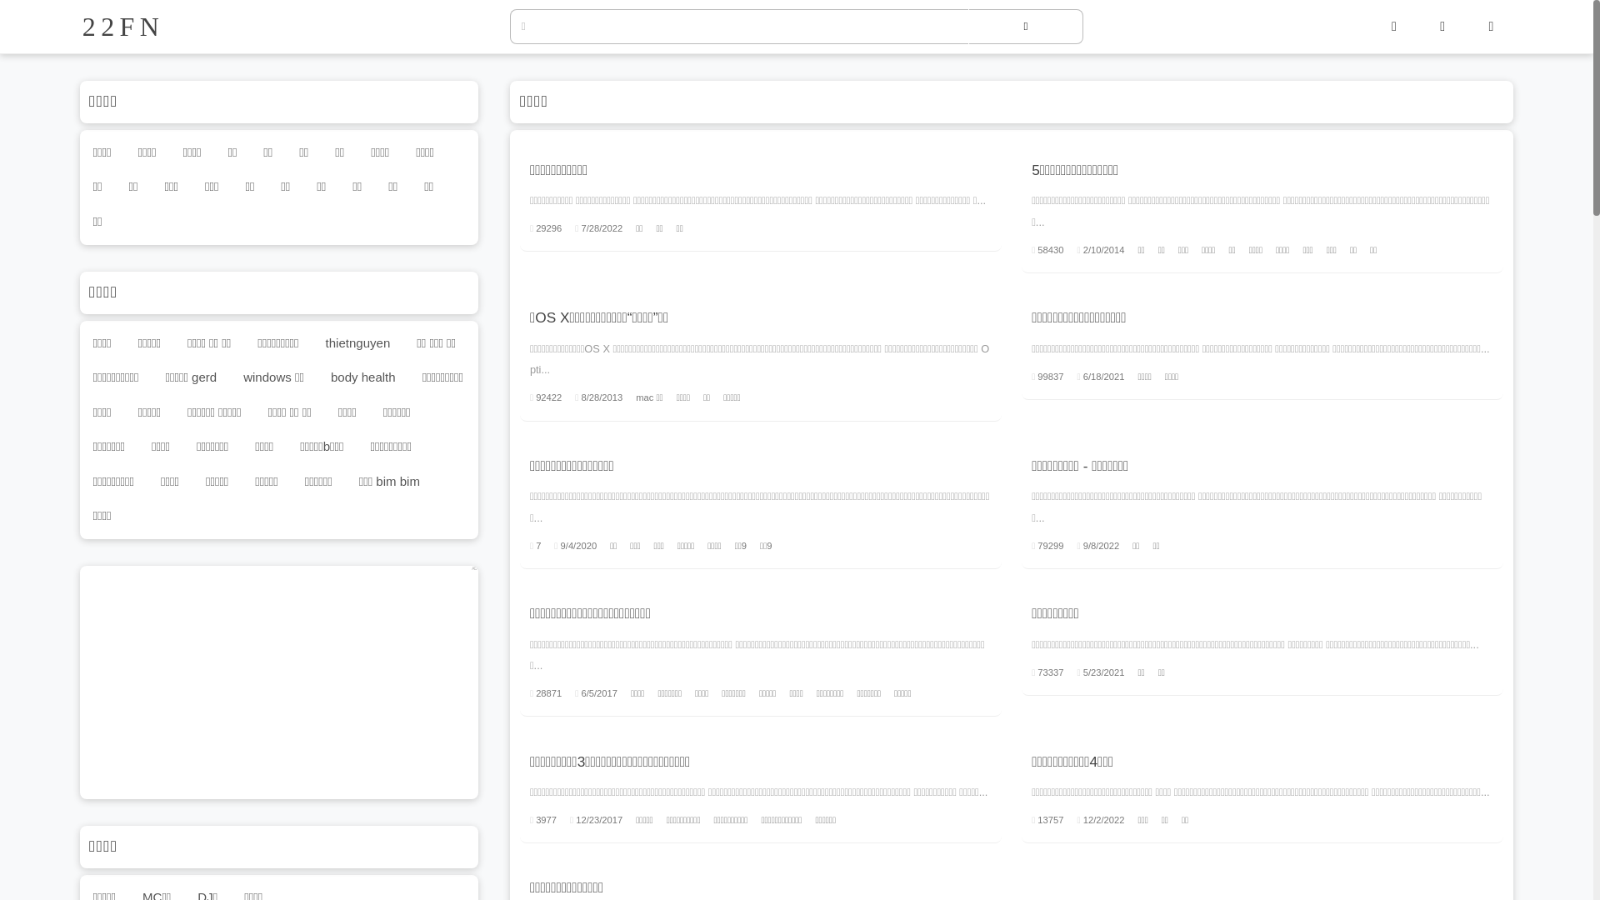  I want to click on '22FN', so click(81, 26).